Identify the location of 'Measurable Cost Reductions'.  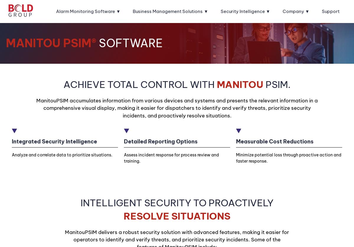
(274, 141).